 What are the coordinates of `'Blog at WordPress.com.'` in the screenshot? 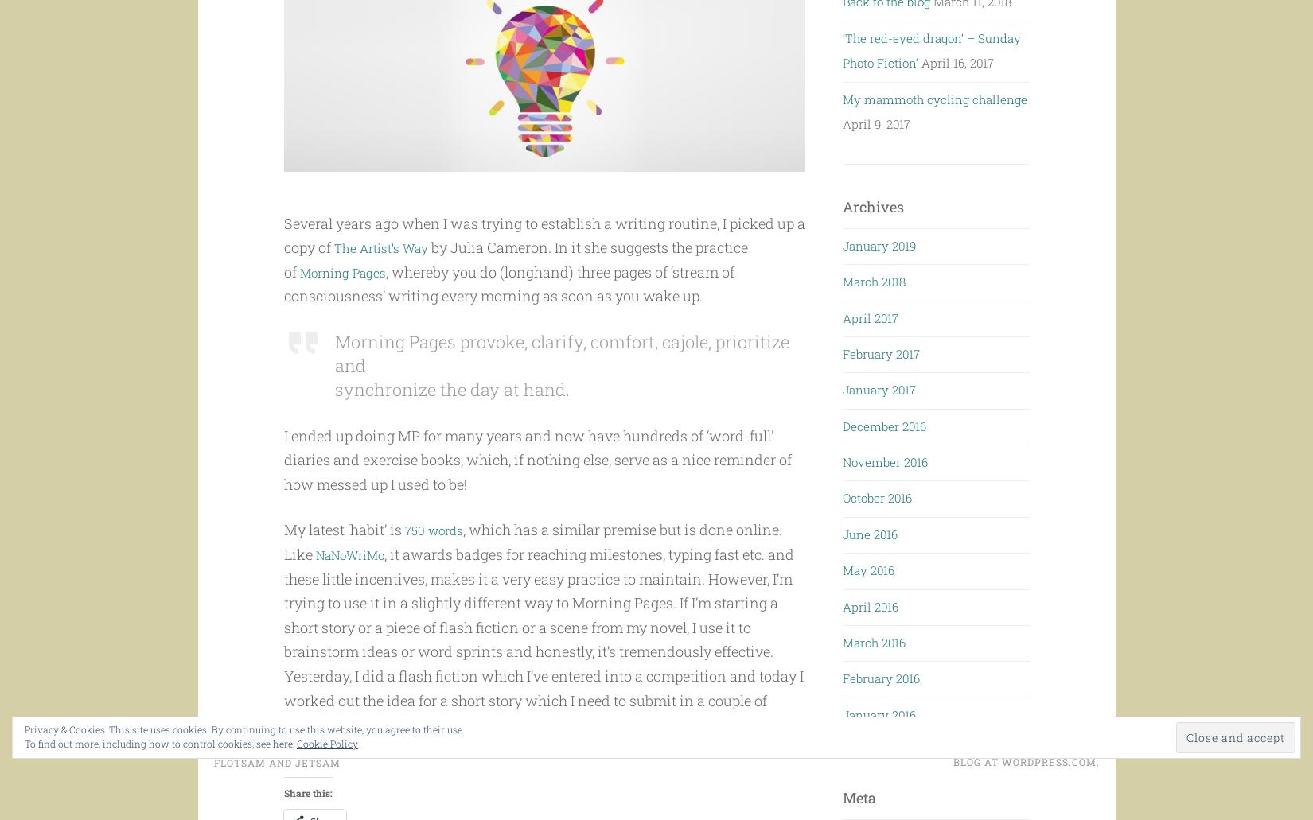 It's located at (1024, 796).